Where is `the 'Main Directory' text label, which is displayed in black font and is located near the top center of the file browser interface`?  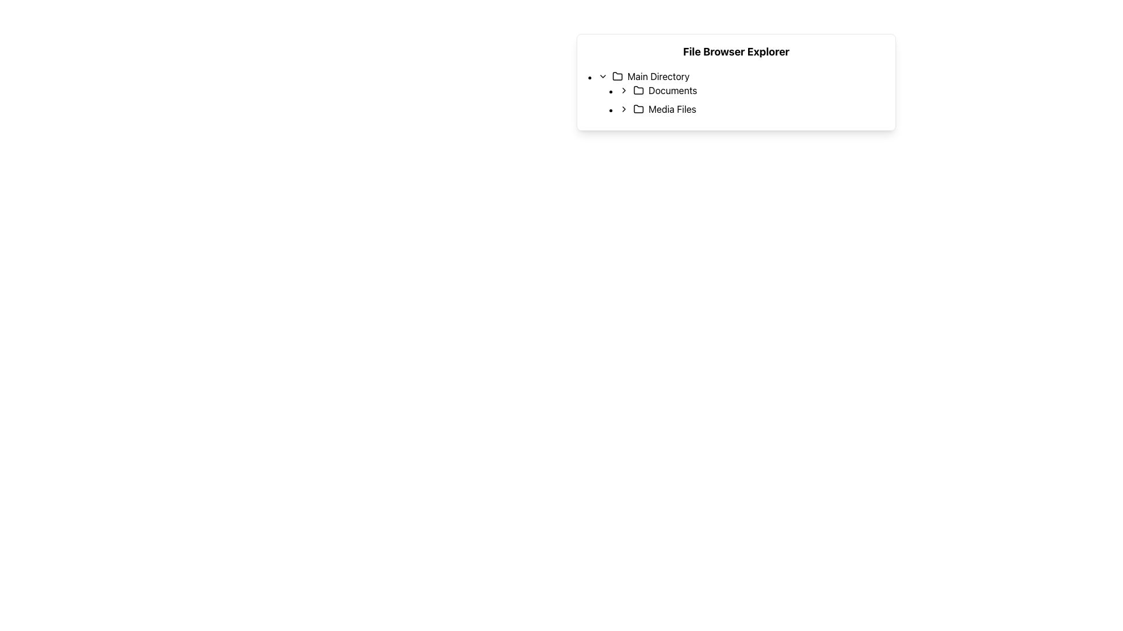 the 'Main Directory' text label, which is displayed in black font and is located near the top center of the file browser interface is located at coordinates (658, 77).